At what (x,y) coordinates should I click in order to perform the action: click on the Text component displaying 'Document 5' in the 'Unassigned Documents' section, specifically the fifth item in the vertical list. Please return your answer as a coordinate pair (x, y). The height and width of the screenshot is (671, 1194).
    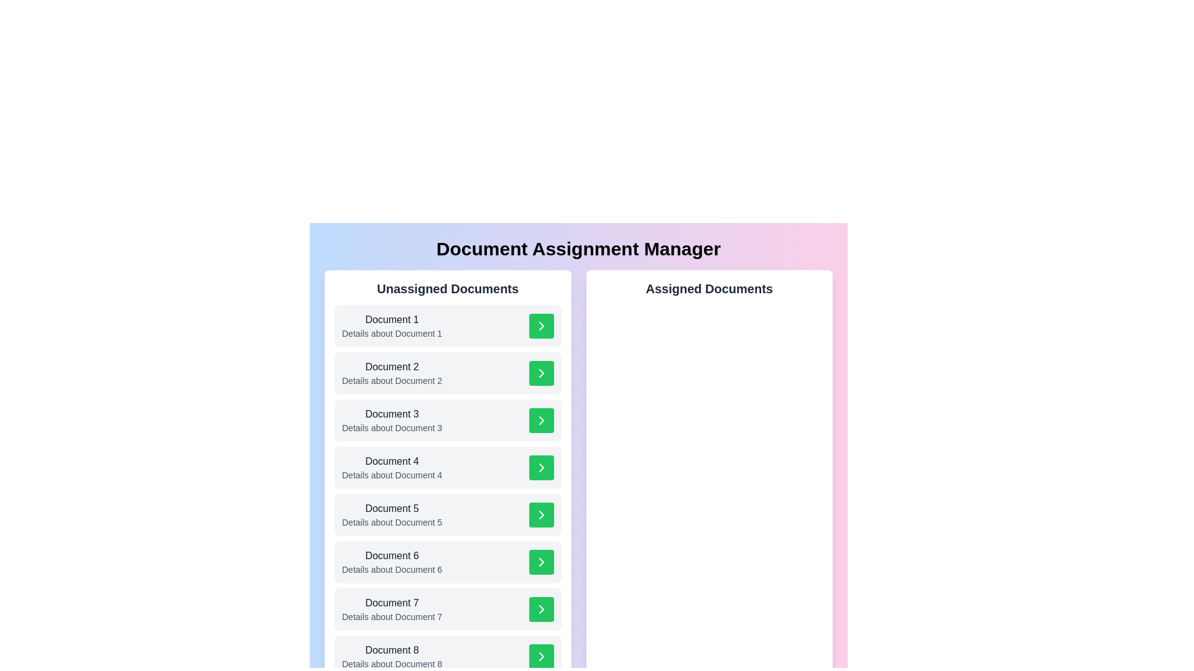
    Looking at the image, I should click on (391, 515).